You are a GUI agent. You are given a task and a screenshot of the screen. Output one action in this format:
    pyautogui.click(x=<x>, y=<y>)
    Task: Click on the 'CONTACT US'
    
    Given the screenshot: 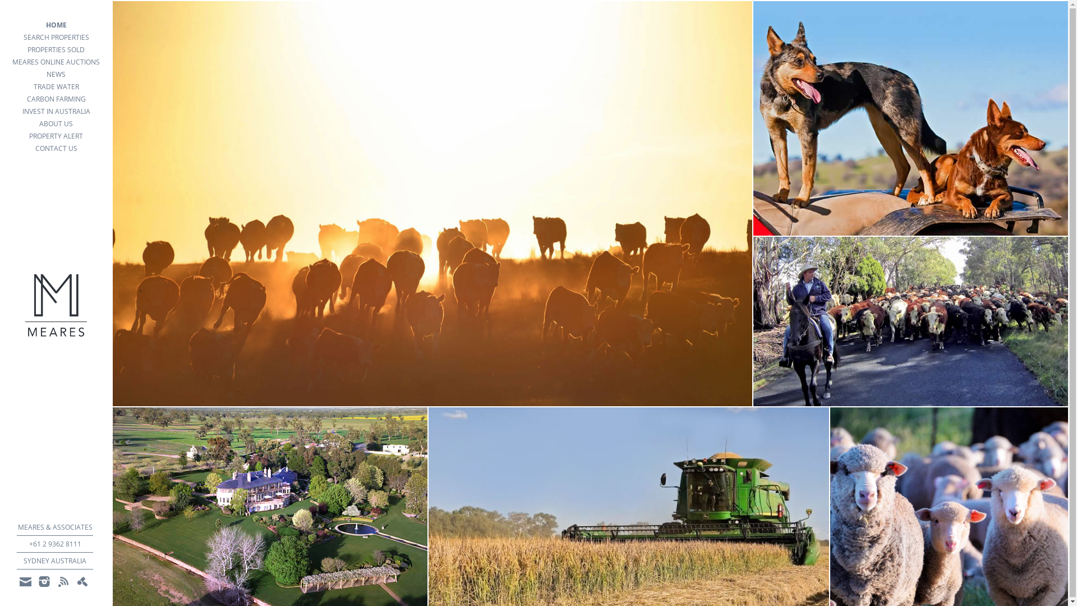 What is the action you would take?
    pyautogui.click(x=56, y=148)
    